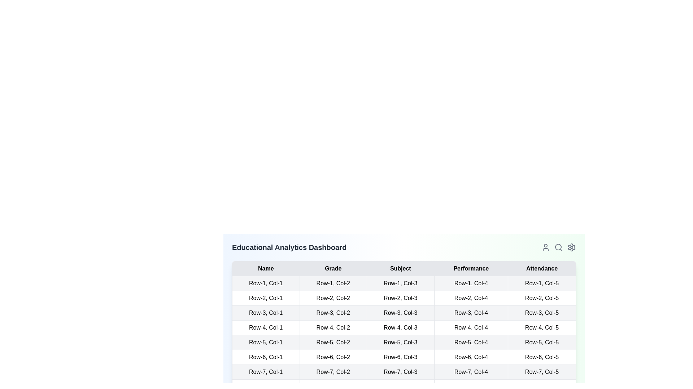 The width and height of the screenshot is (693, 389). I want to click on the user profile icon located in the navigation bar, so click(546, 247).